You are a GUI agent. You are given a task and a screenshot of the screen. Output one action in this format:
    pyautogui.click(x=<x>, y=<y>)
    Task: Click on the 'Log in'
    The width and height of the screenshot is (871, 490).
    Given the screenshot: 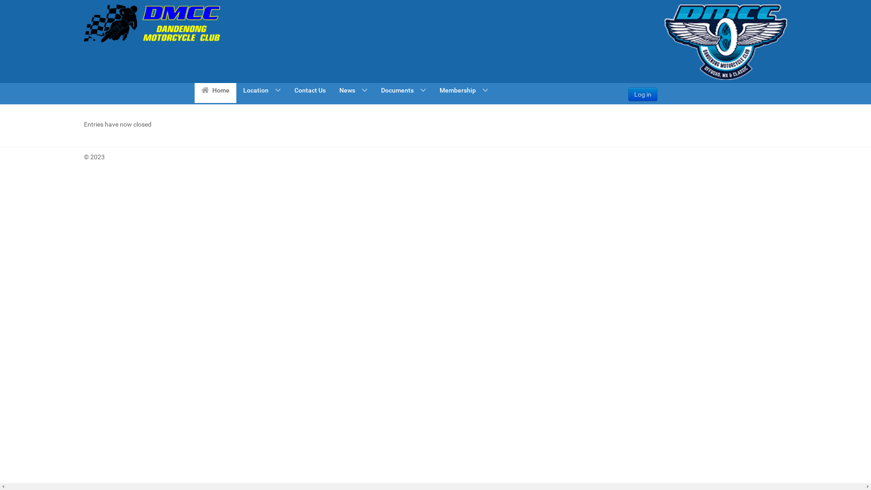 What is the action you would take?
    pyautogui.click(x=642, y=94)
    